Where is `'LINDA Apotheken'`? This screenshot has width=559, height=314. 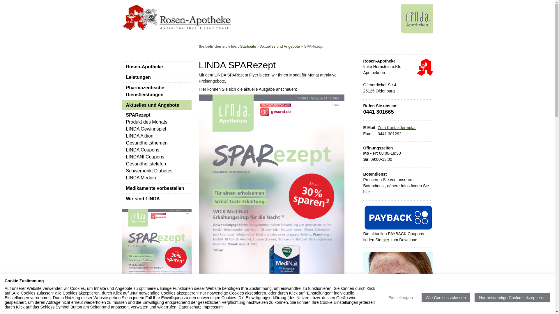 'LINDA Apotheken' is located at coordinates (416, 19).